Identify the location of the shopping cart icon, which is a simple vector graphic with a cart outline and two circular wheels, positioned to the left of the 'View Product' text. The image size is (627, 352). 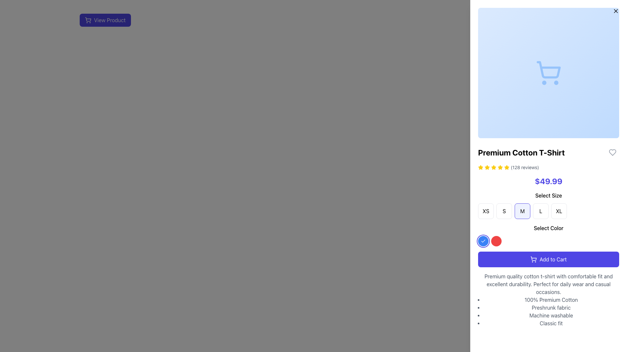
(88, 20).